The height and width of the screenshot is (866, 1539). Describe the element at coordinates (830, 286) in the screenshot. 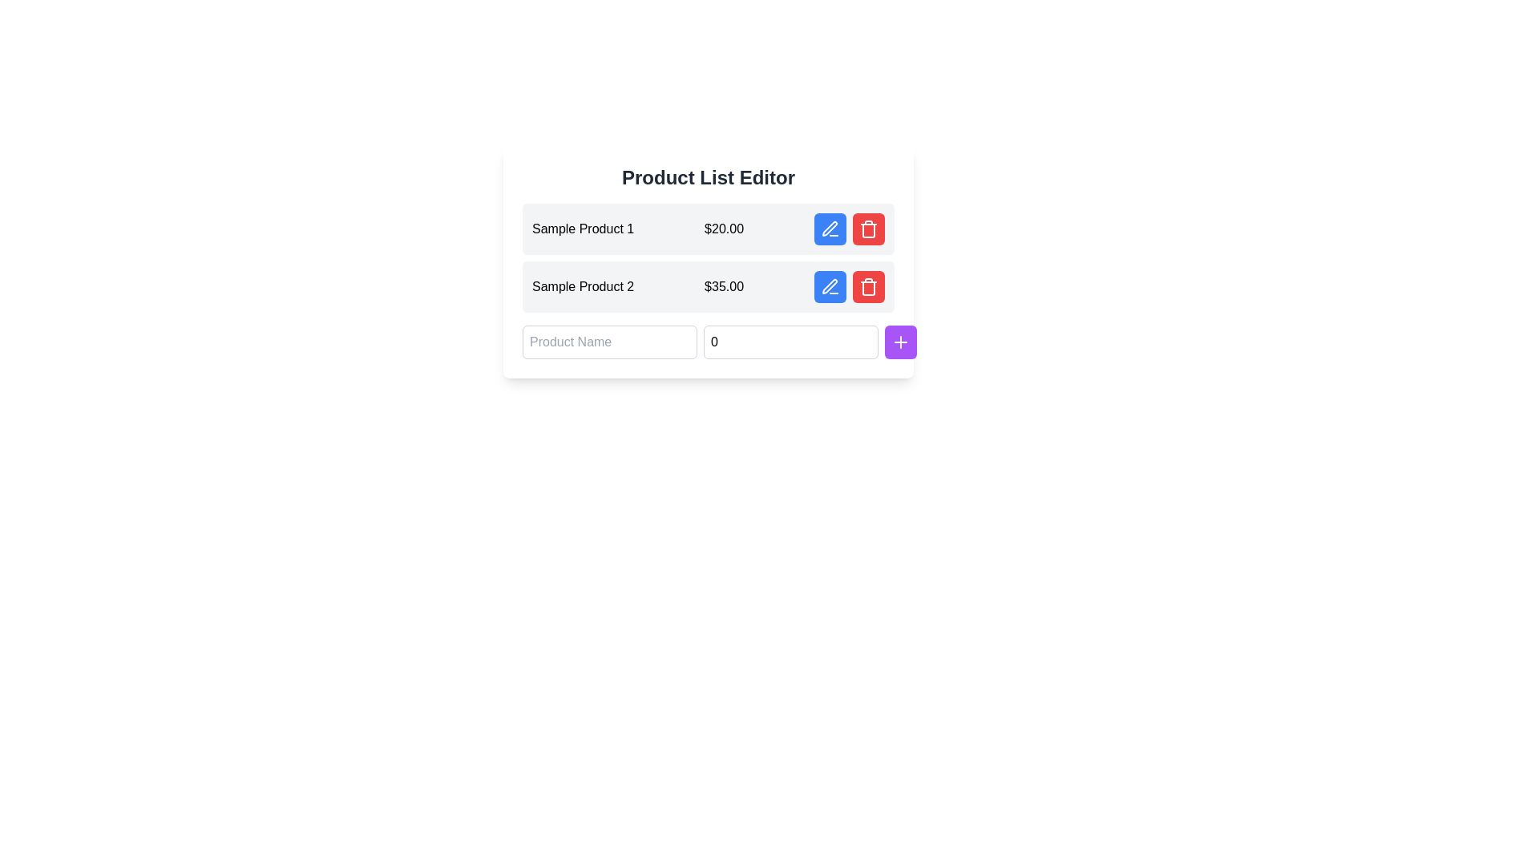

I see `the edit Icon button located to the right of 'Sample Product 2' and '$35.00' in the second row of product information for a tooltip or hover effect` at that location.